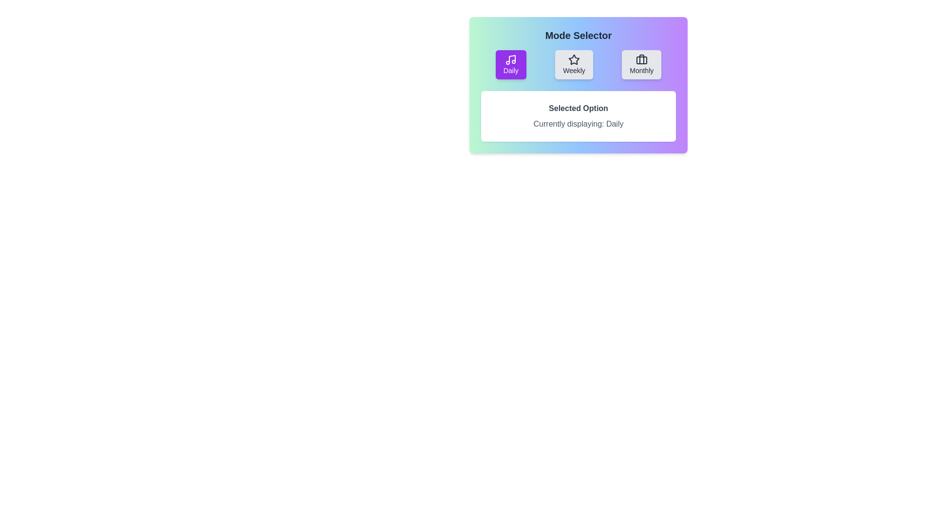 The image size is (935, 526). I want to click on the Static Text element displaying 'Currently displaying: Daily', which is styled in gray and located below the 'Selected Option' heading in the 'Mode Selector' section, so click(579, 123).